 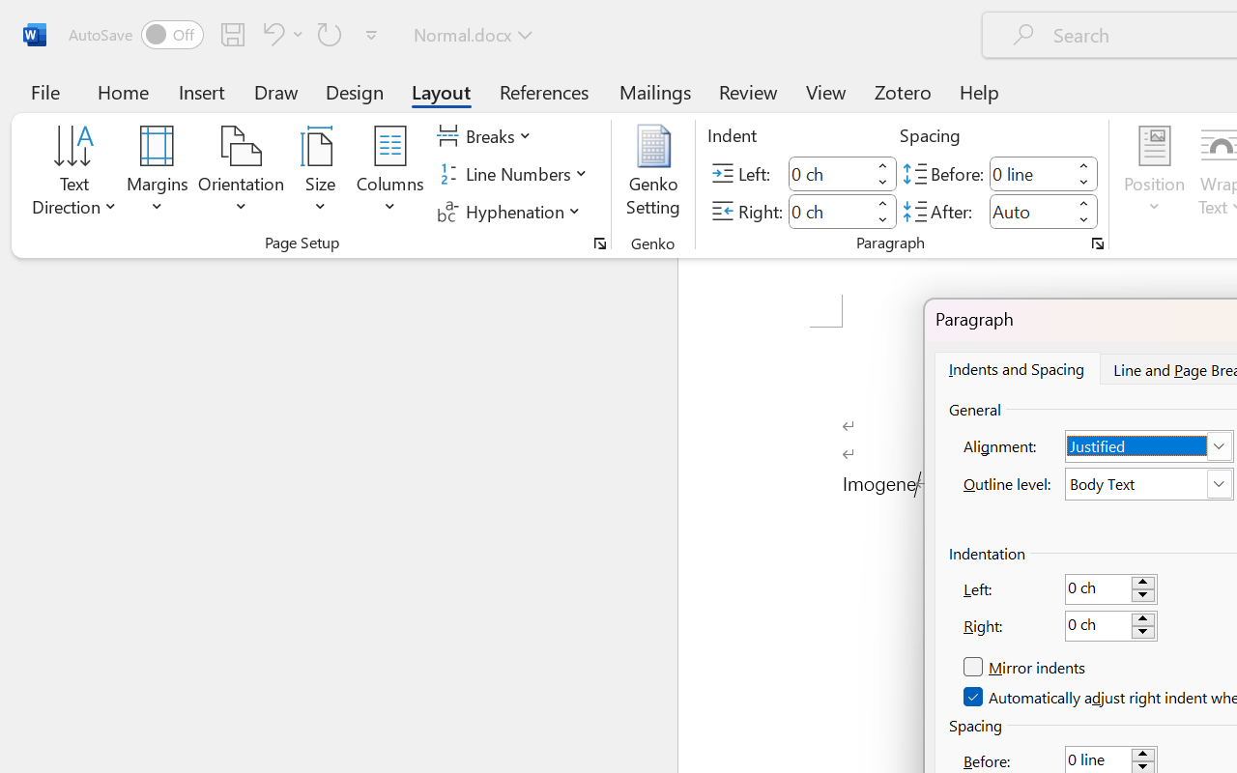 I want to click on 'Left:', so click(x=1111, y=588).